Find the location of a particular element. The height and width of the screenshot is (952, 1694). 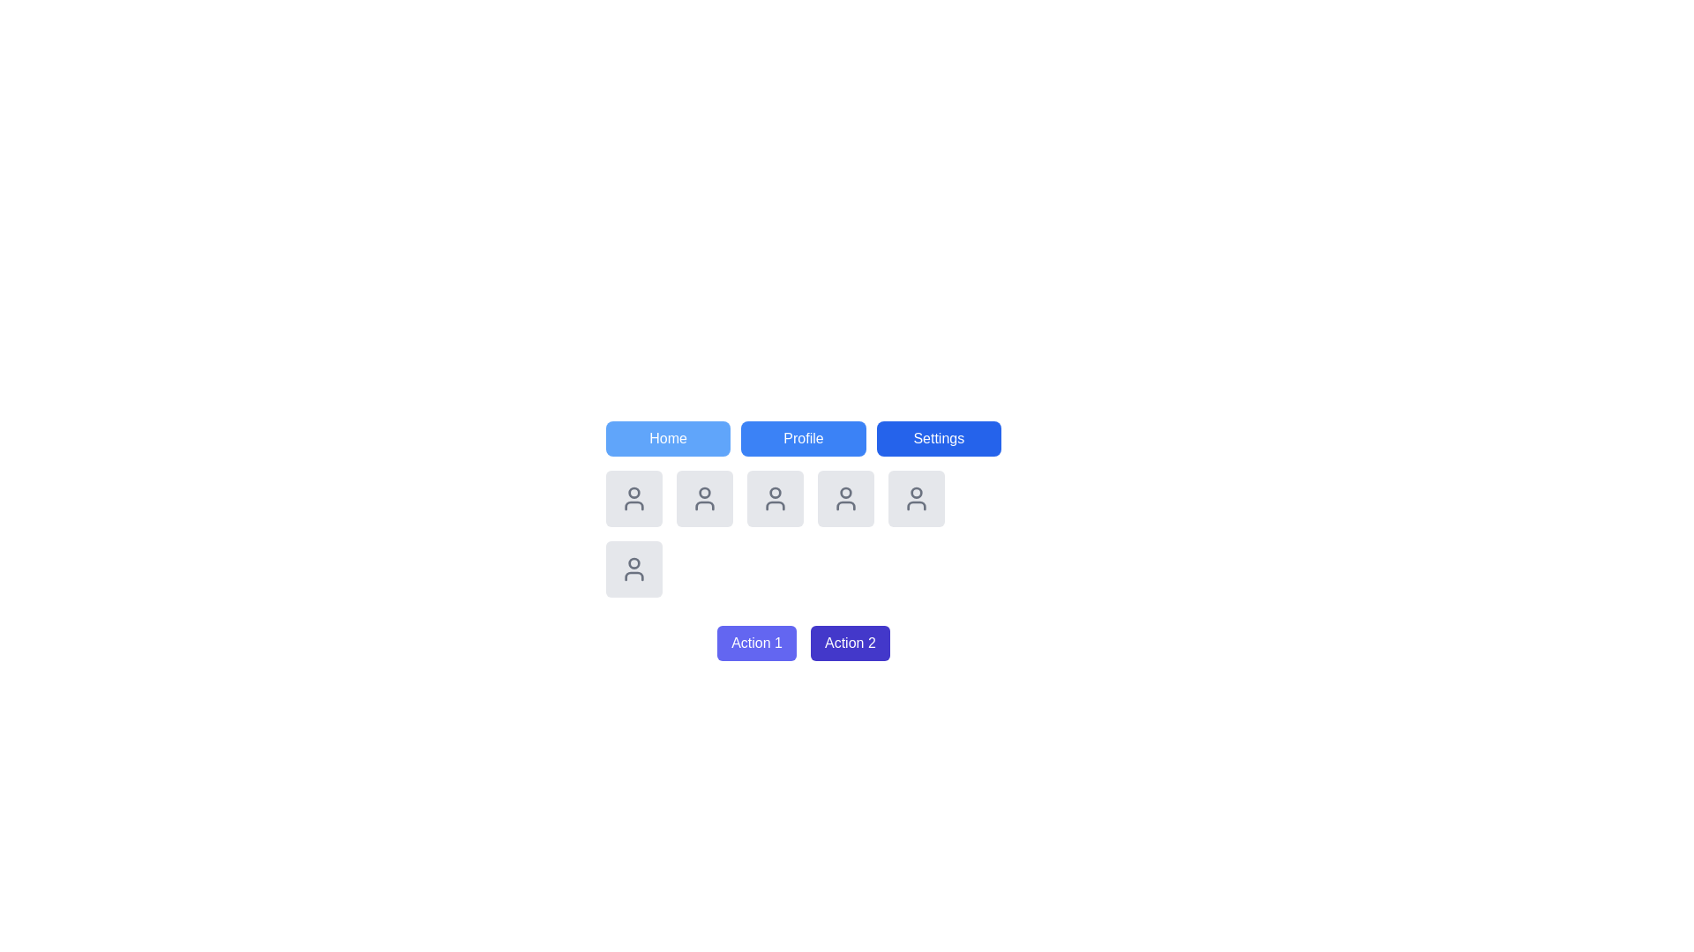

the decorative SVG circle that represents part of a user icon in the grid layout, located near the top center of the icon is located at coordinates (634, 563).